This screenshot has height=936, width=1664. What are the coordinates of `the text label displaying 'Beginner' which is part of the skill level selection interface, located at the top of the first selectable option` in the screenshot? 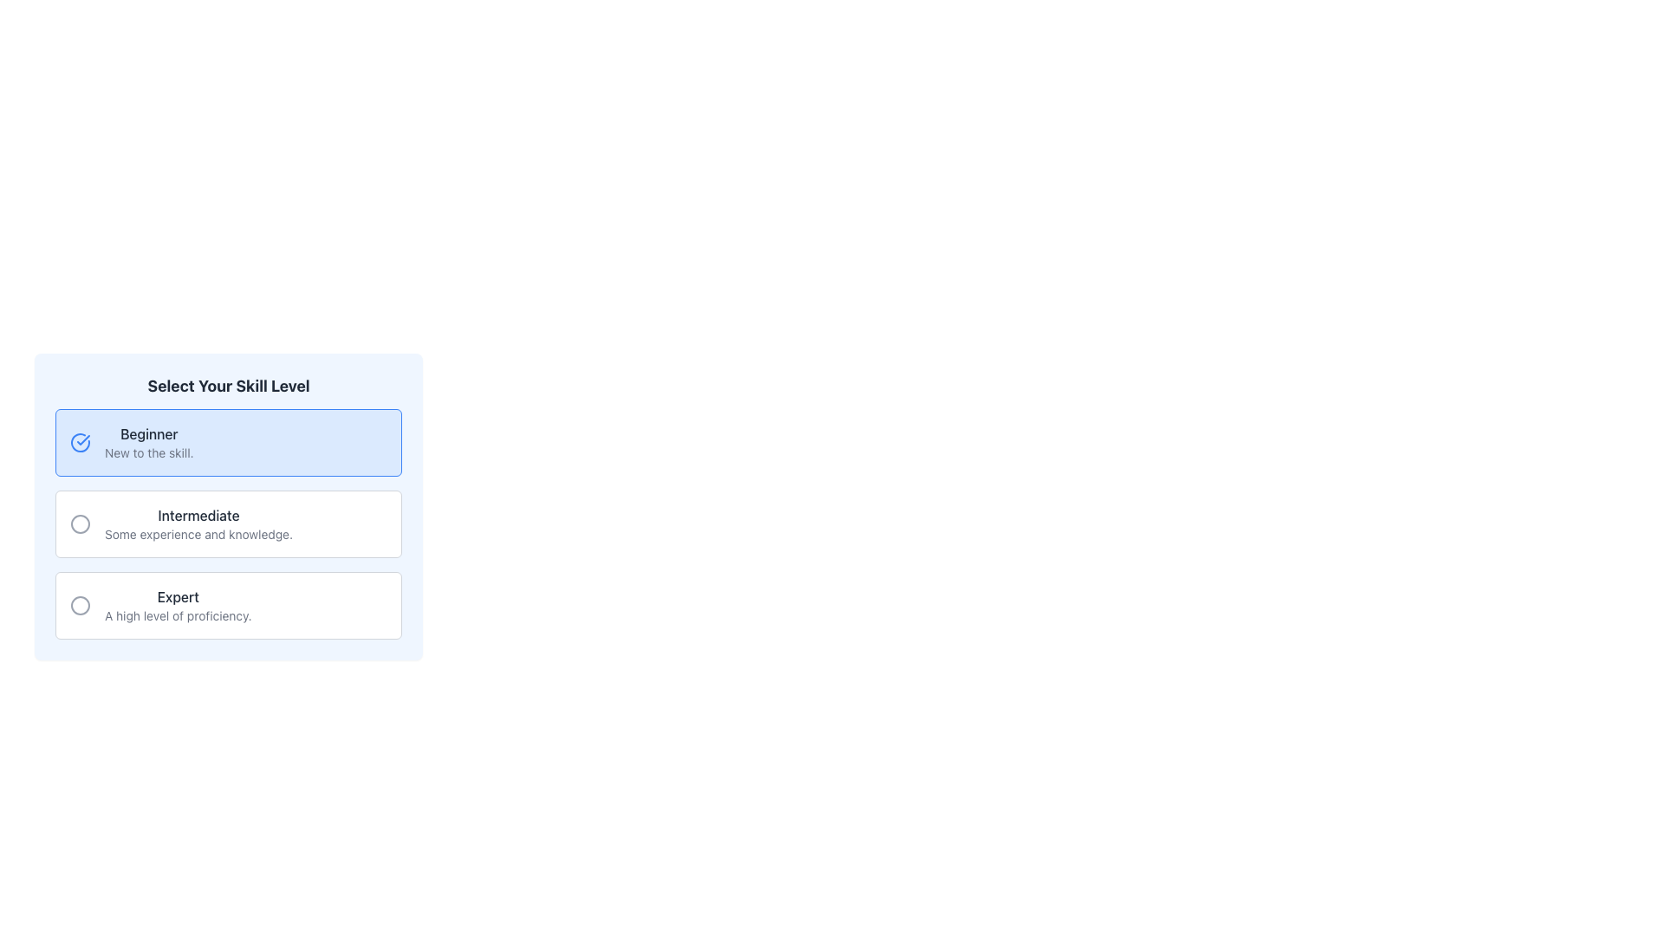 It's located at (149, 433).